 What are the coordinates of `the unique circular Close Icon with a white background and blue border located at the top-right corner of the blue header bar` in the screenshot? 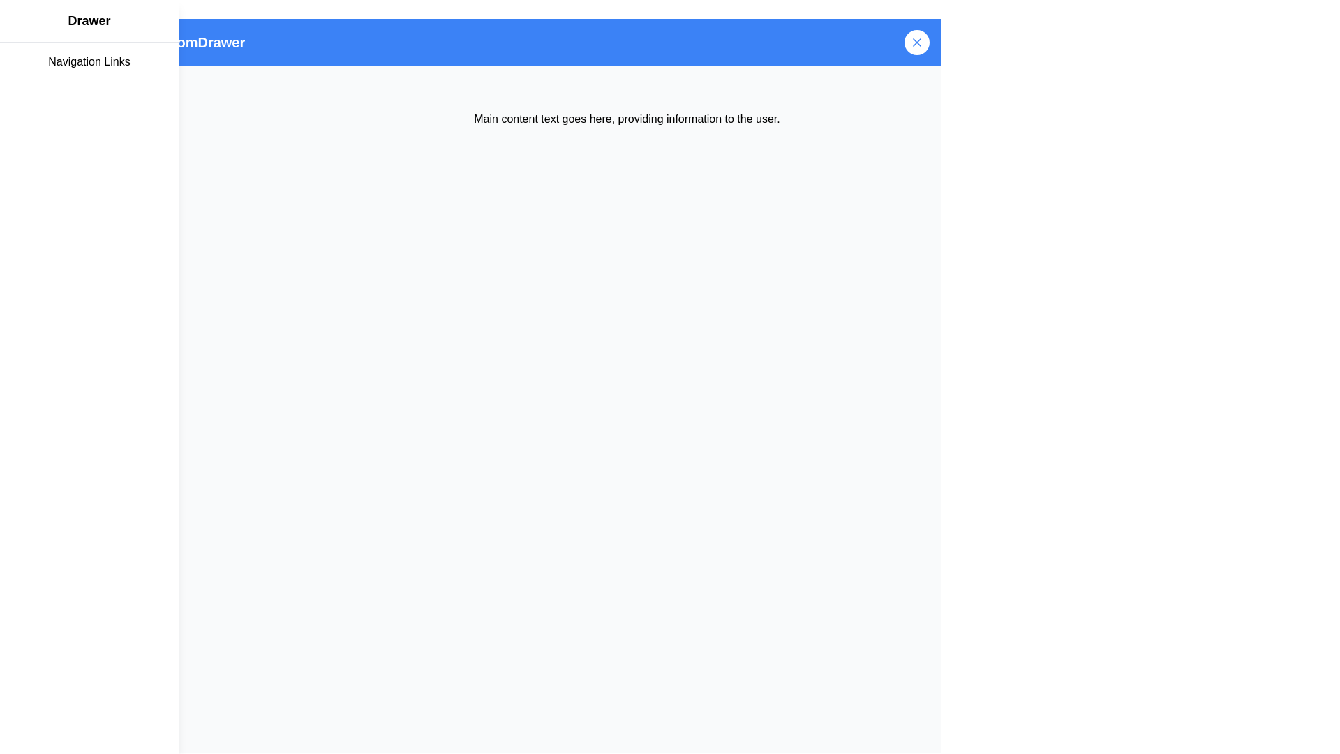 It's located at (917, 42).